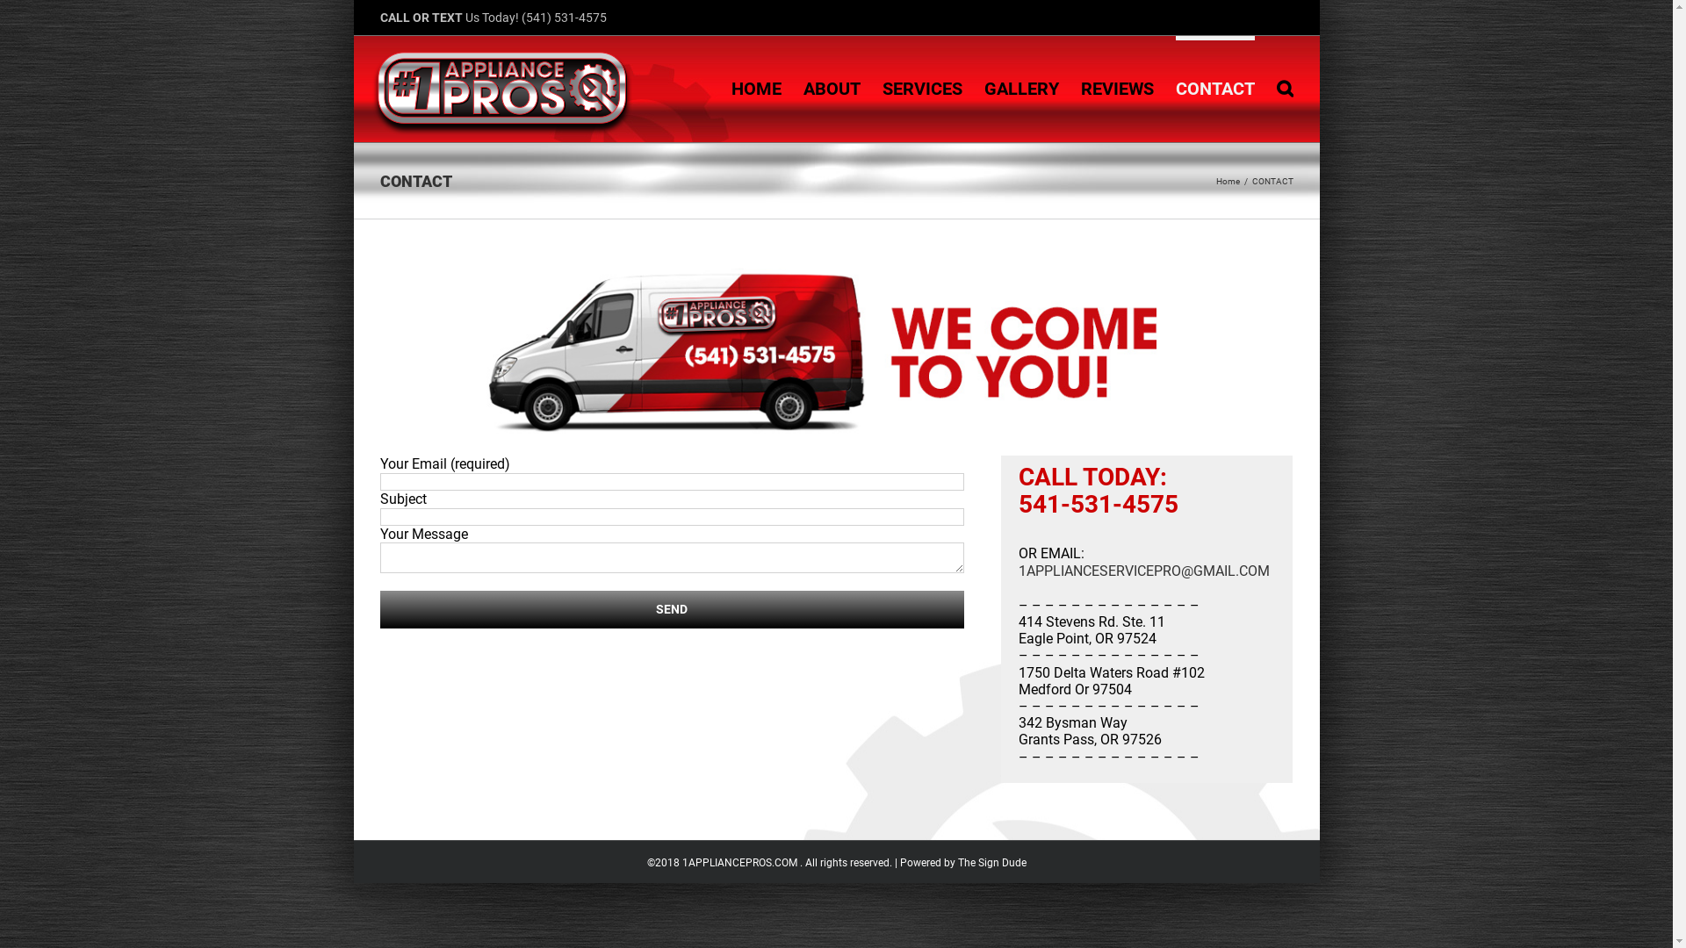 This screenshot has width=1686, height=948. What do you see at coordinates (1226, 180) in the screenshot?
I see `'Home'` at bounding box center [1226, 180].